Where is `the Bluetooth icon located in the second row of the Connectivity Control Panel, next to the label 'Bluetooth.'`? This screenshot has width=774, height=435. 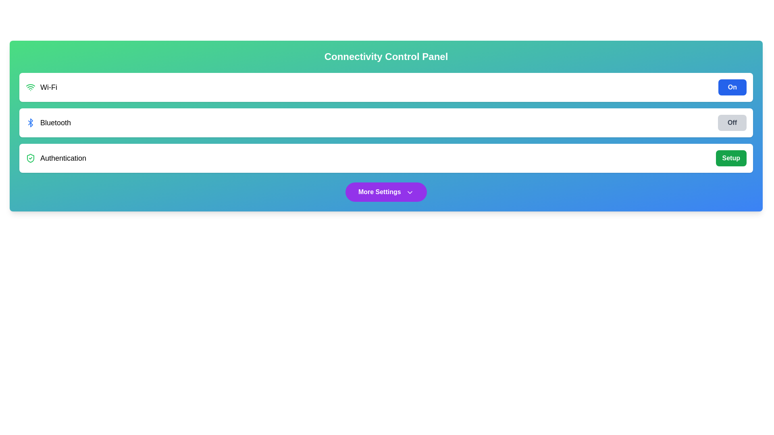 the Bluetooth icon located in the second row of the Connectivity Control Panel, next to the label 'Bluetooth.' is located at coordinates (31, 122).